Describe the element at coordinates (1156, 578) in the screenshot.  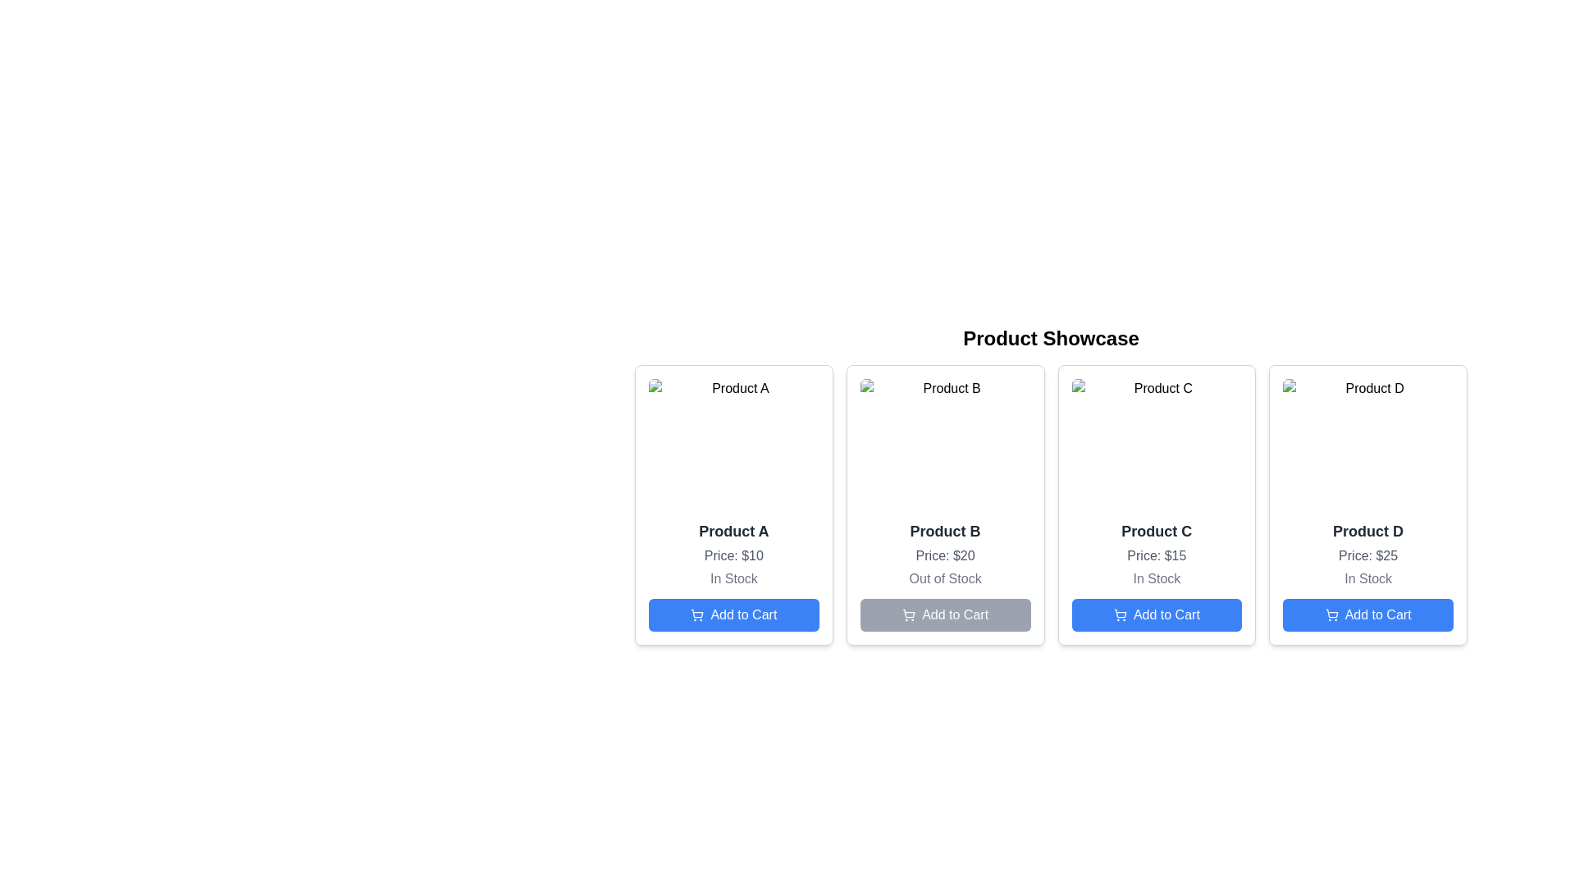
I see `the 'In Stock' text label element, which is styled in gray and positioned centrally below the price information of 'Product C'` at that location.